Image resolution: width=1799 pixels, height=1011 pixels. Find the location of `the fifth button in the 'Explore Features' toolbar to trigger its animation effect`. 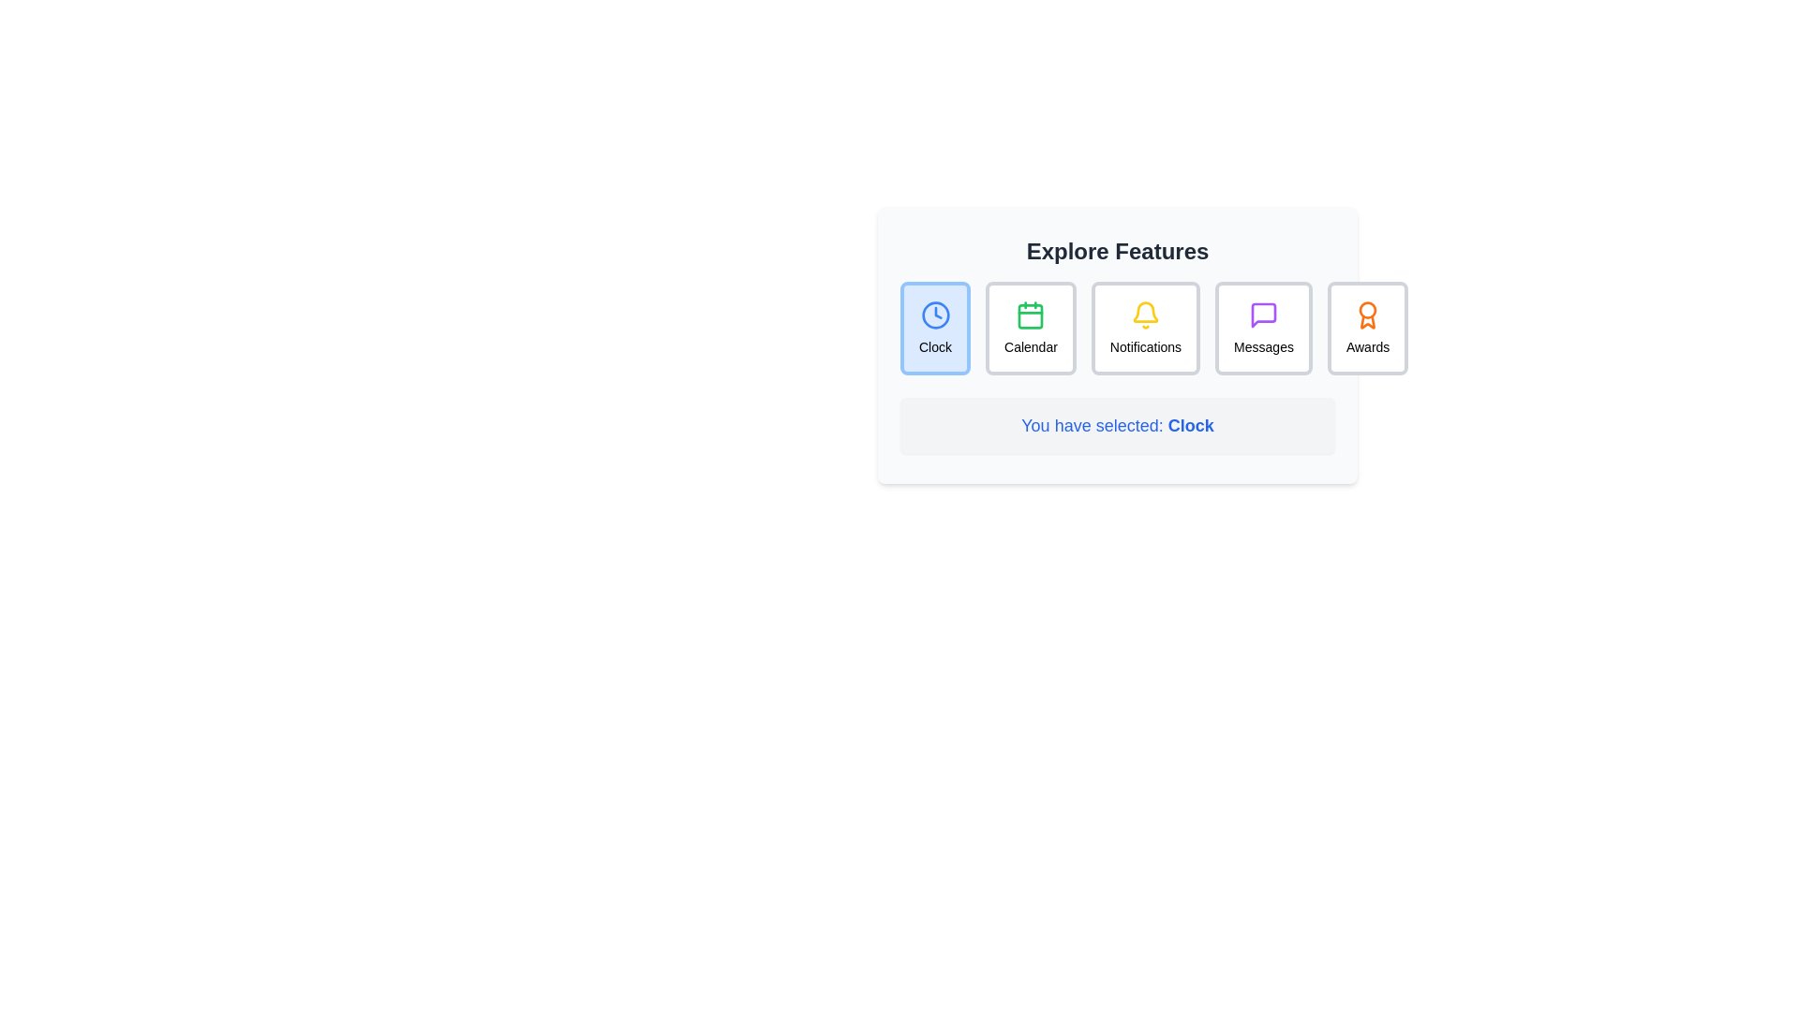

the fifth button in the 'Explore Features' toolbar to trigger its animation effect is located at coordinates (1368, 328).